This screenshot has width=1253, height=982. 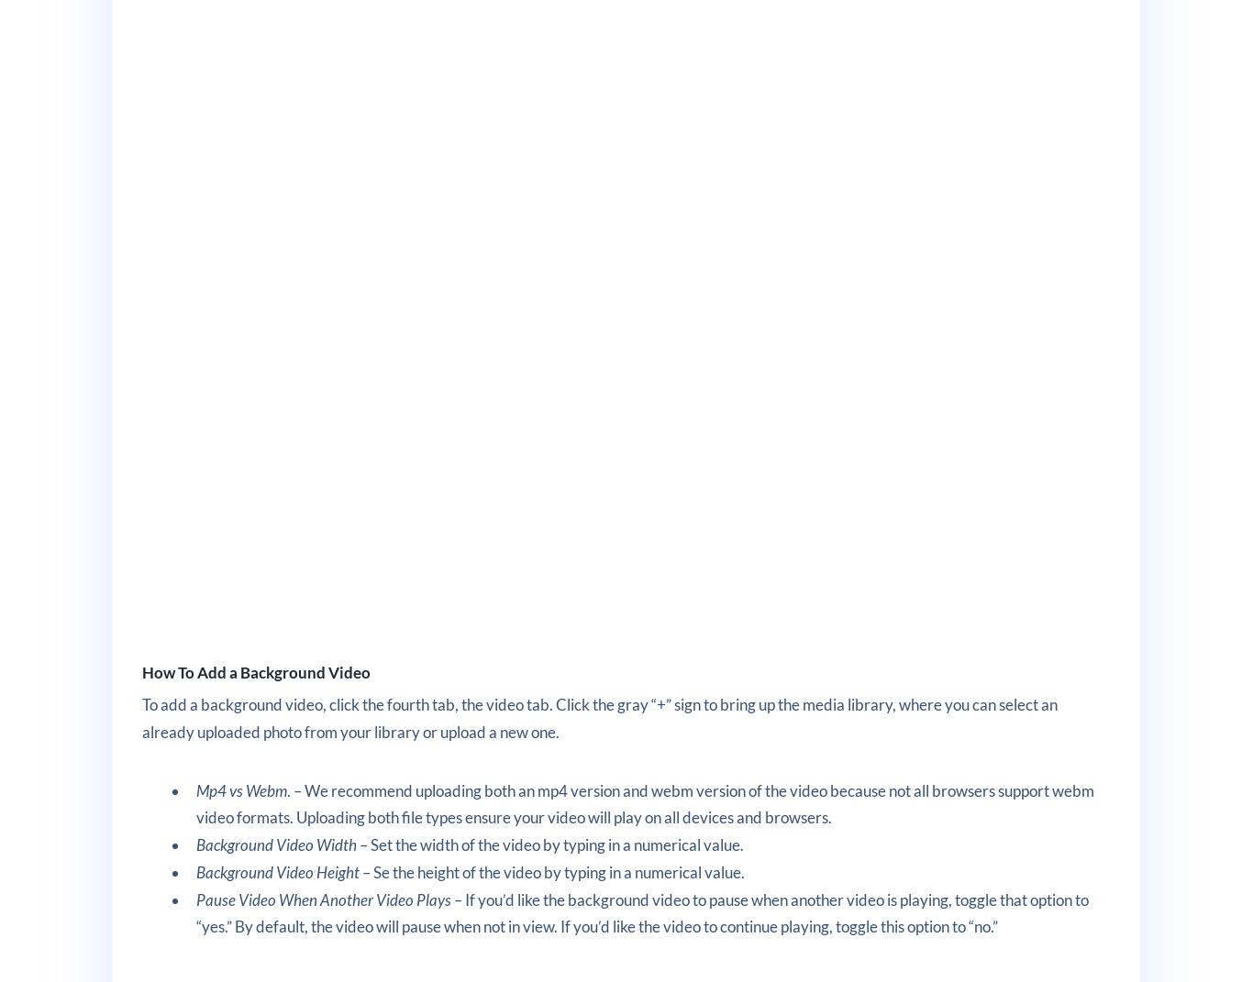 I want to click on '– Set the width of the video by typing in a numerical value.', so click(x=549, y=844).